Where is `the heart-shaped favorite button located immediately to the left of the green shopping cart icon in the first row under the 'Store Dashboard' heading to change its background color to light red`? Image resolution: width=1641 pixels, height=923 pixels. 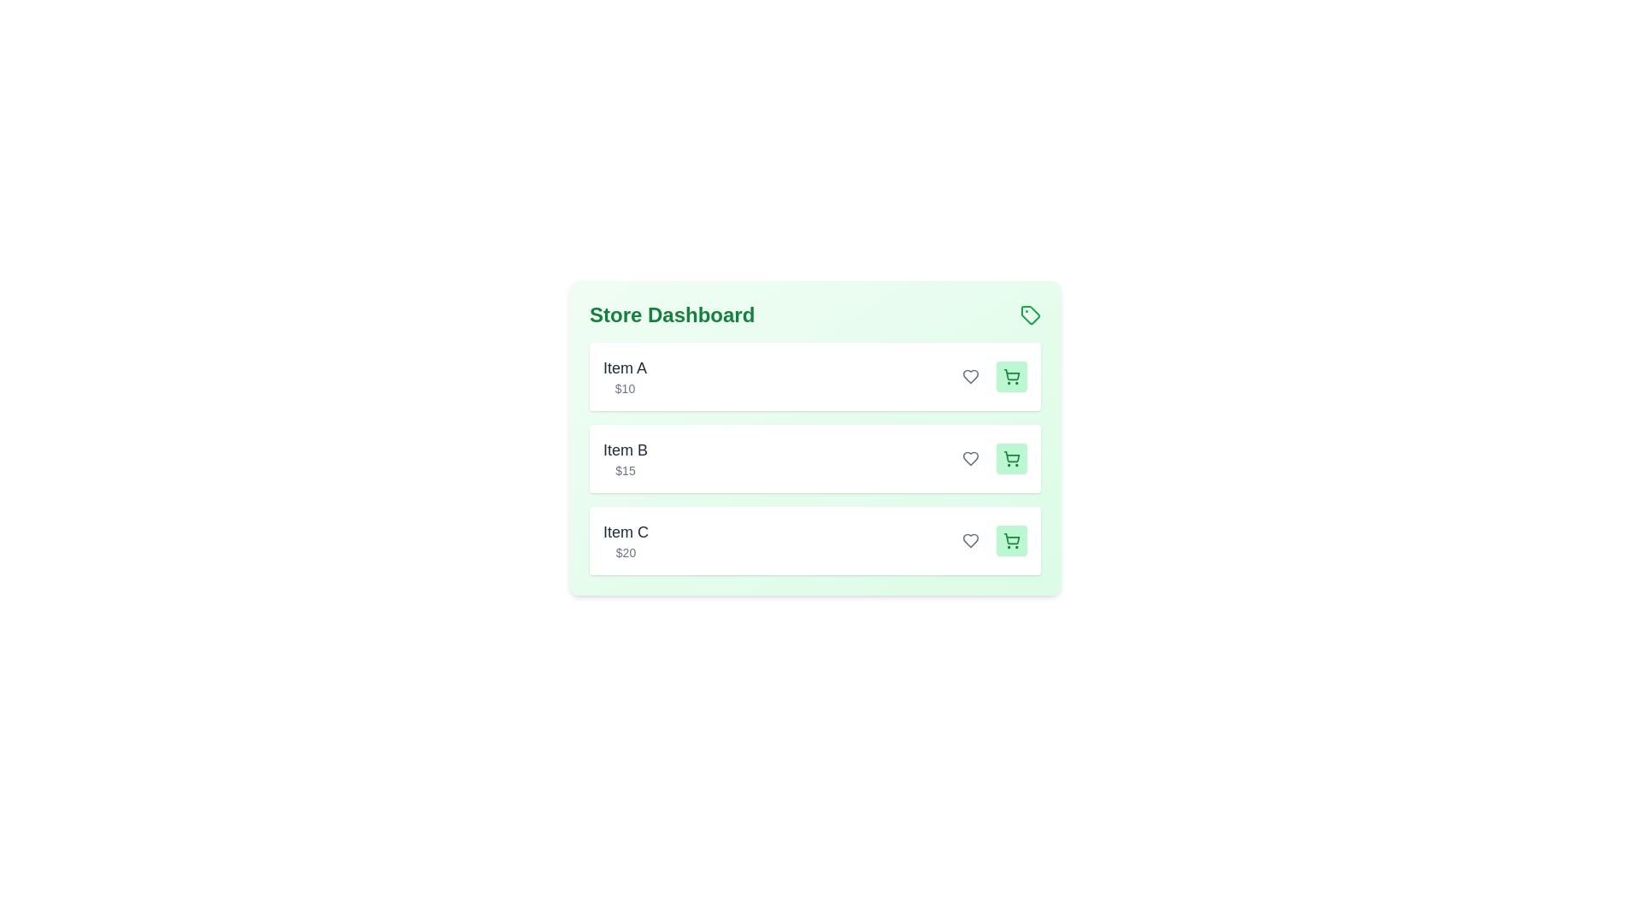 the heart-shaped favorite button located immediately to the left of the green shopping cart icon in the first row under the 'Store Dashboard' heading to change its background color to light red is located at coordinates (971, 375).